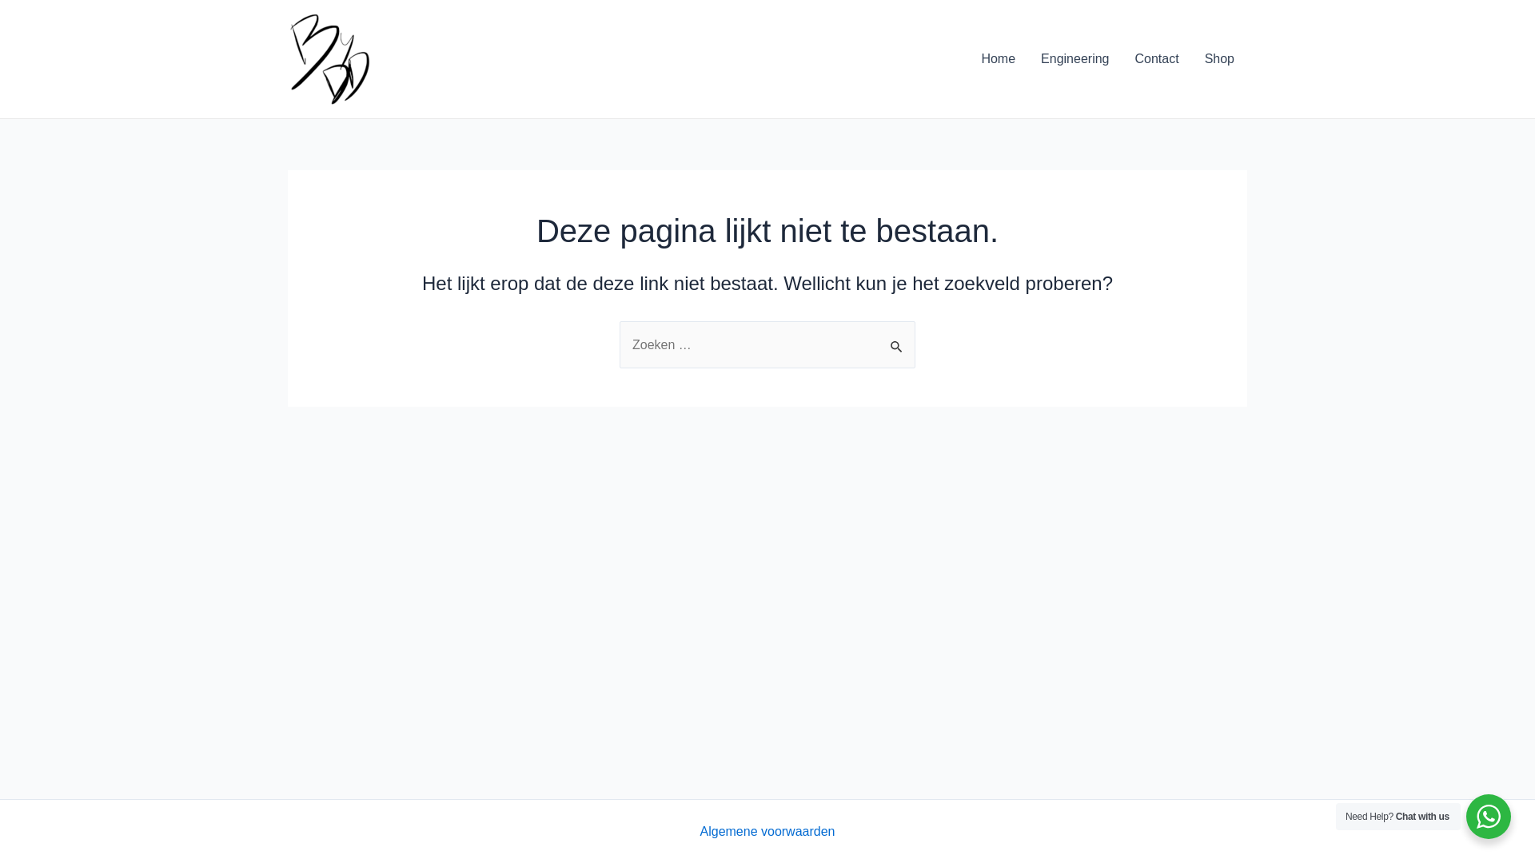 The image size is (1535, 863). I want to click on 'Algemene voorwaarden', so click(767, 831).